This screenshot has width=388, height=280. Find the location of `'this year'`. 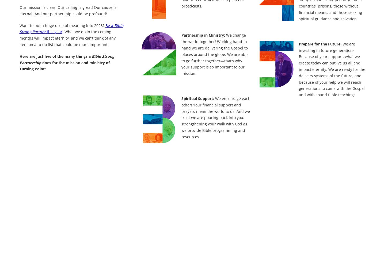

'this year' is located at coordinates (53, 31).